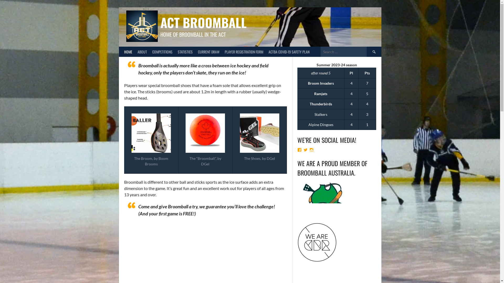 The height and width of the screenshot is (283, 504). Describe the element at coordinates (208, 52) in the screenshot. I see `'CURRENT DRAW'` at that location.